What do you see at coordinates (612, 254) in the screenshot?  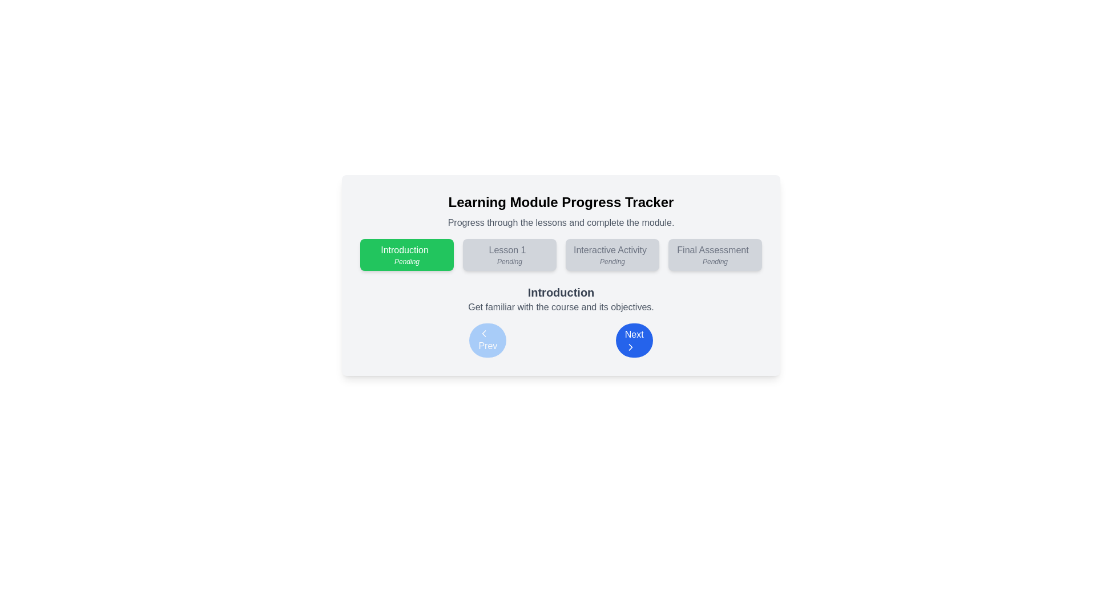 I see `the third button in the progress tracker grid` at bounding box center [612, 254].